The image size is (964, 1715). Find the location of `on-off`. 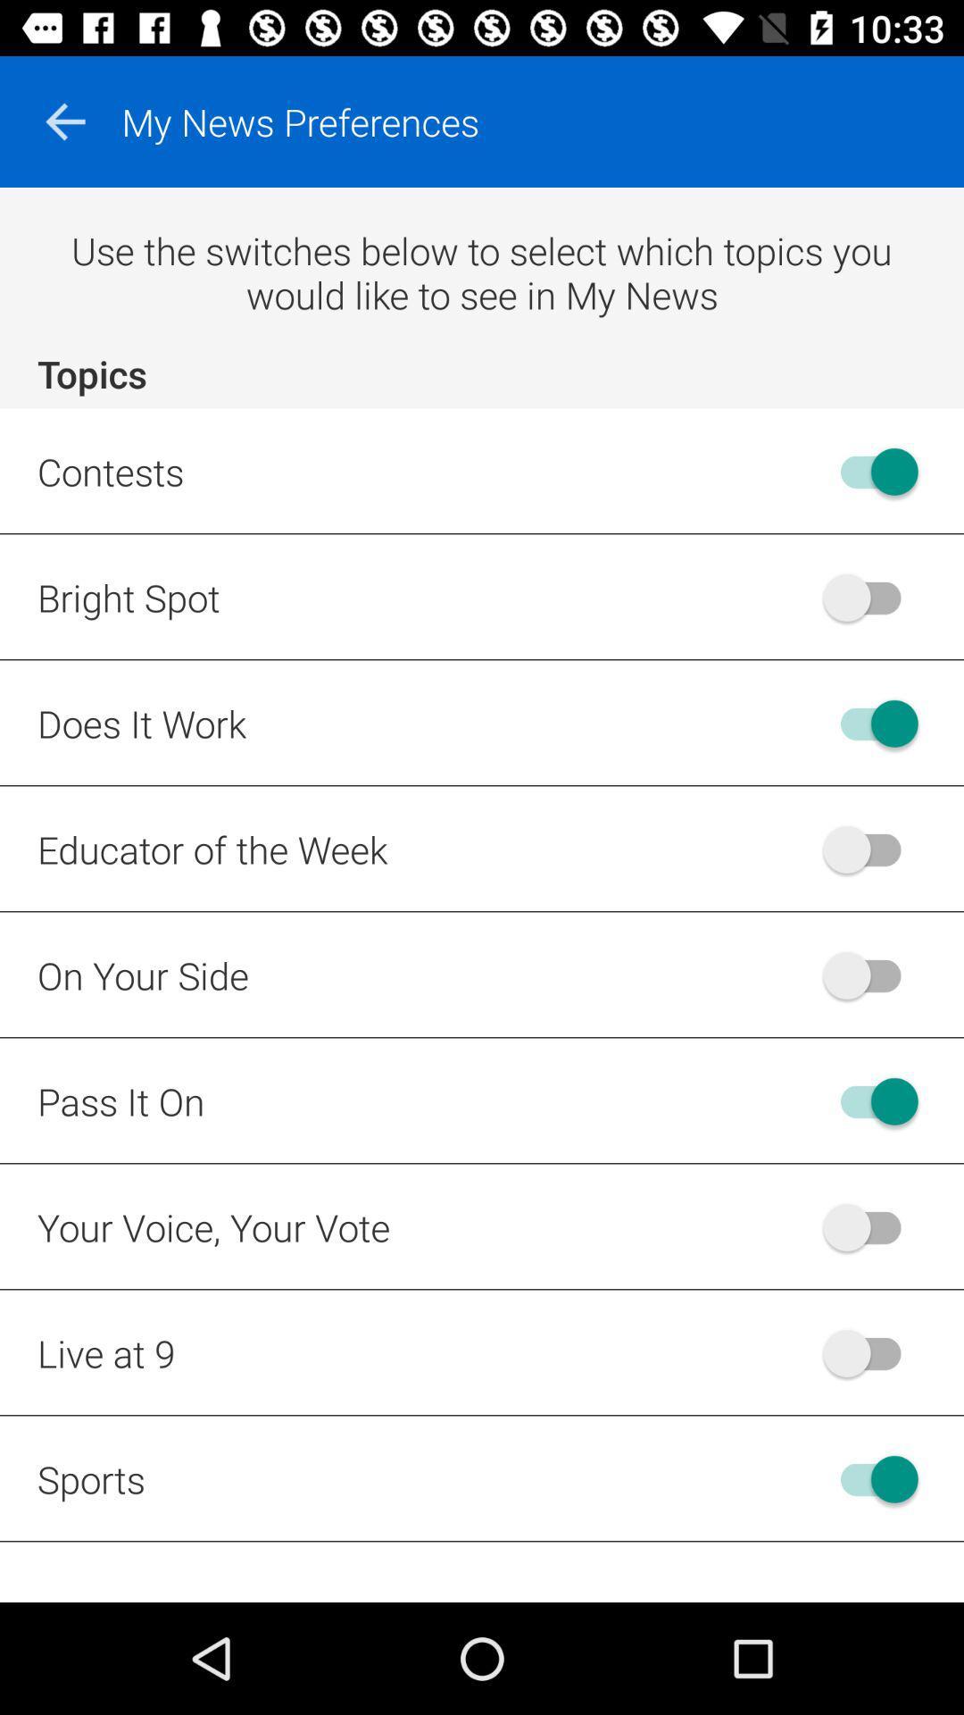

on-off is located at coordinates (869, 974).